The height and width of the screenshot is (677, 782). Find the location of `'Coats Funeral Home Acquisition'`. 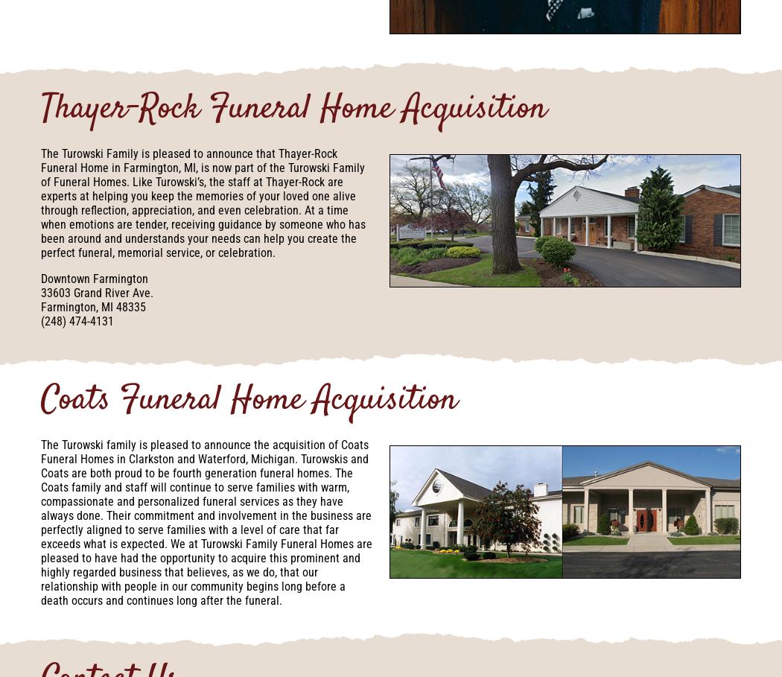

'Coats Funeral Home Acquisition' is located at coordinates (249, 401).